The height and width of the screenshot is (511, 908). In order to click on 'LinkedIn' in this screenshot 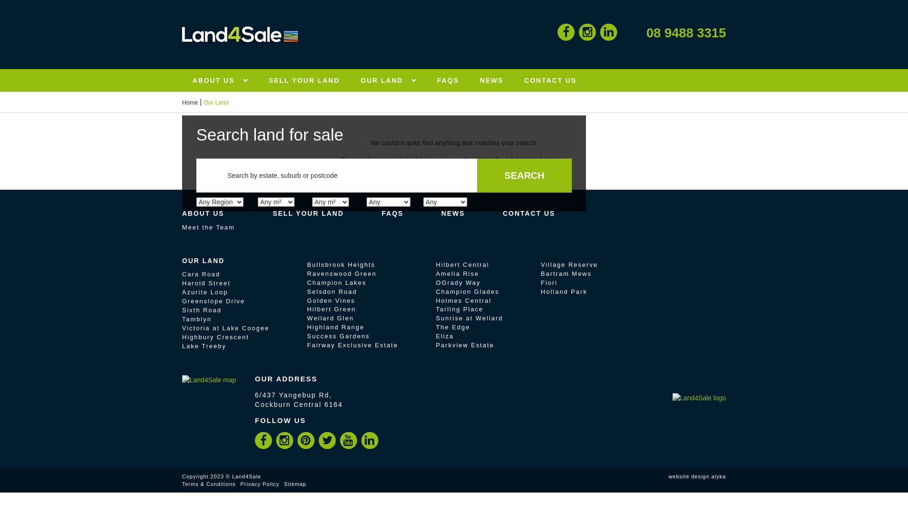, I will do `click(369, 440)`.